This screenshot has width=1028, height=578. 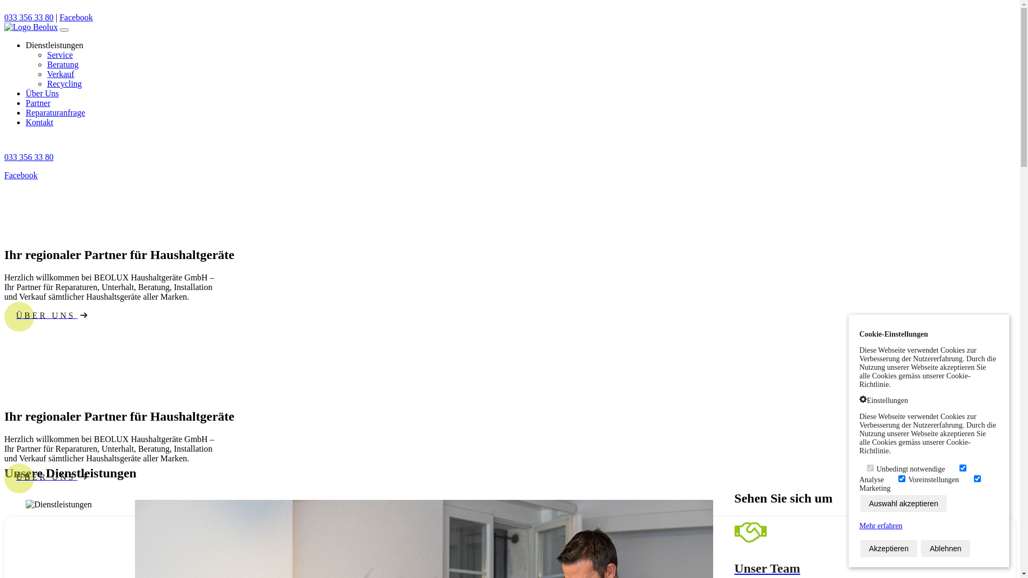 What do you see at coordinates (59, 55) in the screenshot?
I see `'Service'` at bounding box center [59, 55].